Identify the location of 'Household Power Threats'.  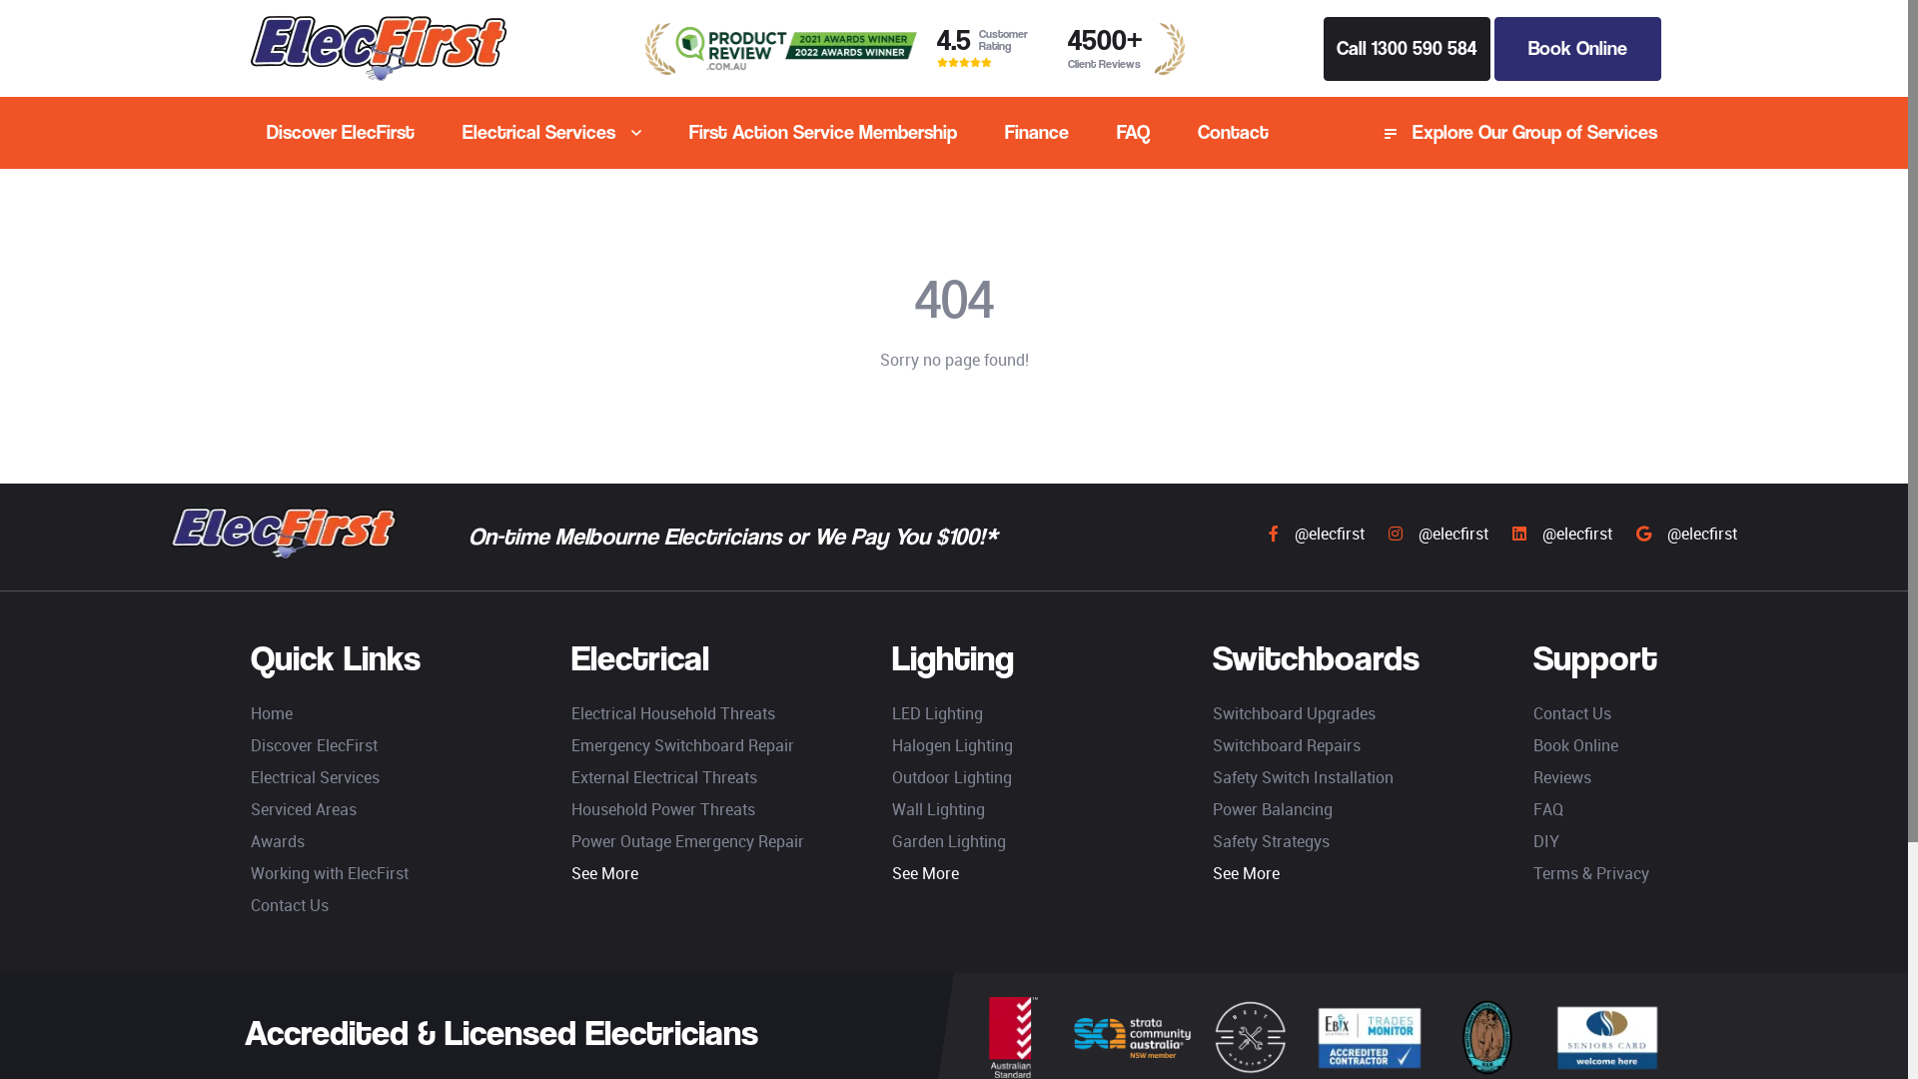
(569, 809).